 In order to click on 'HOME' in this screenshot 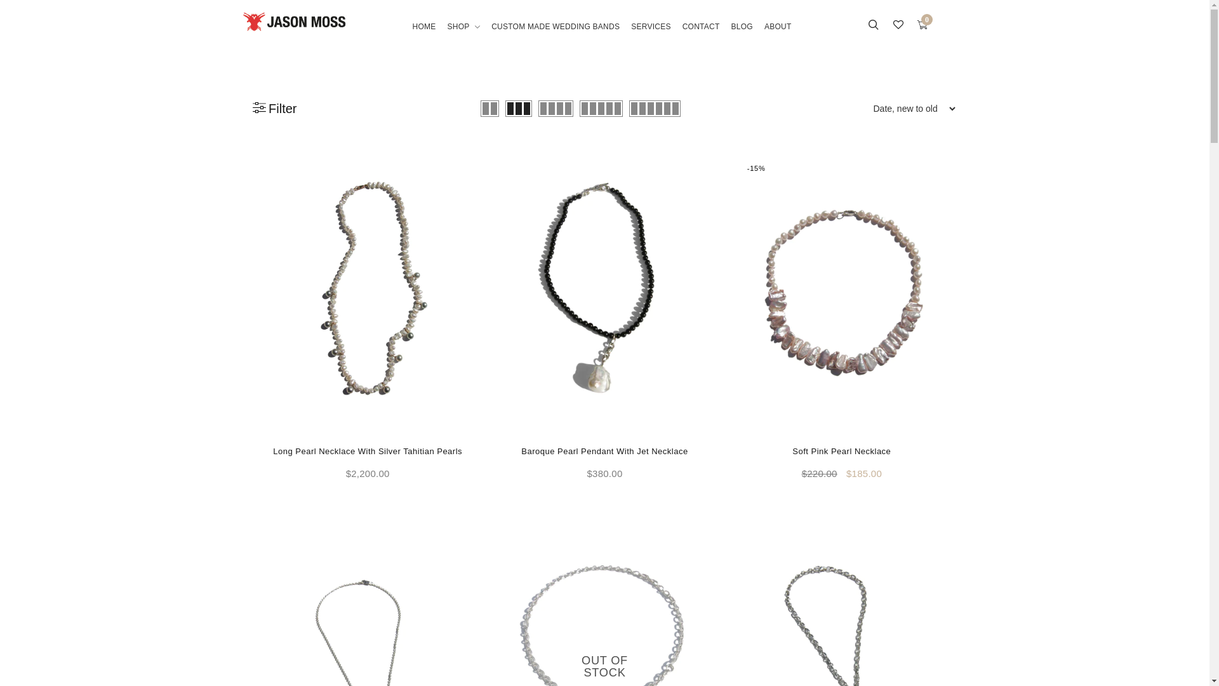, I will do `click(427, 36)`.